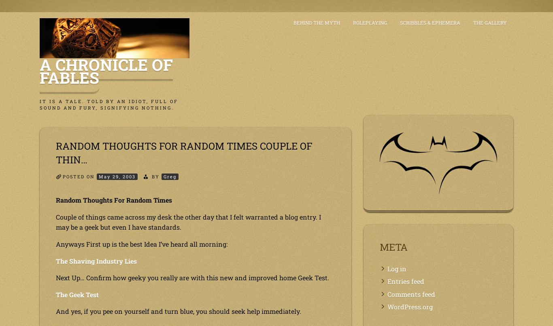 This screenshot has height=326, width=553. I want to click on 'Random Thoughts For Random Times', so click(114, 199).